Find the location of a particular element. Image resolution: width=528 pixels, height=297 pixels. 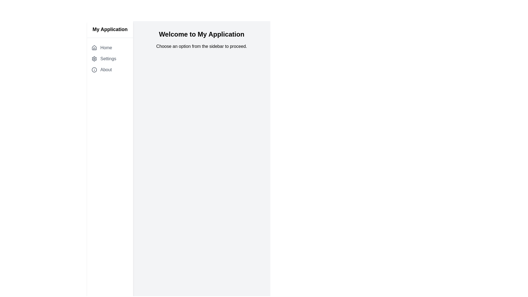

the 'Settings' hyperlink navigation item, which is styled with gray text and a gear icon is located at coordinates (110, 59).